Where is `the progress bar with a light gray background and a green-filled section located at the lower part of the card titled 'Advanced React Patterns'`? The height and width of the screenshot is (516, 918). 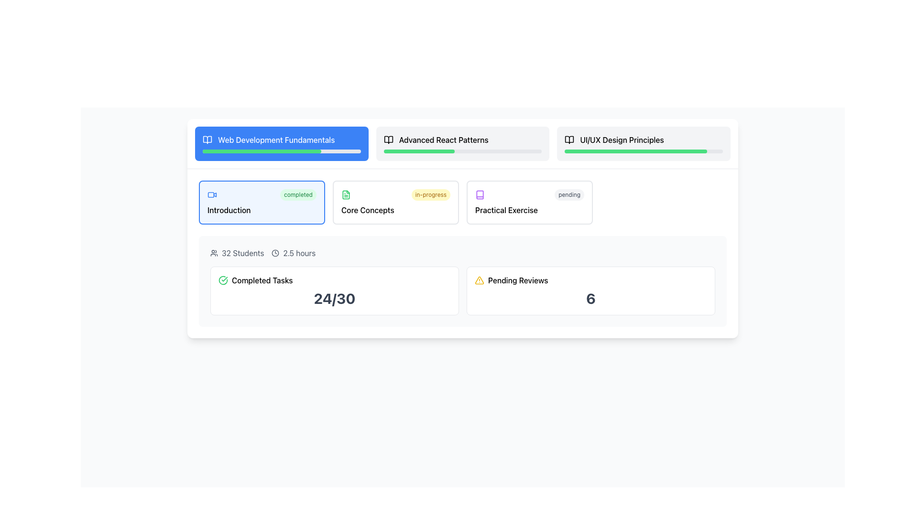
the progress bar with a light gray background and a green-filled section located at the lower part of the card titled 'Advanced React Patterns' is located at coordinates (463, 150).